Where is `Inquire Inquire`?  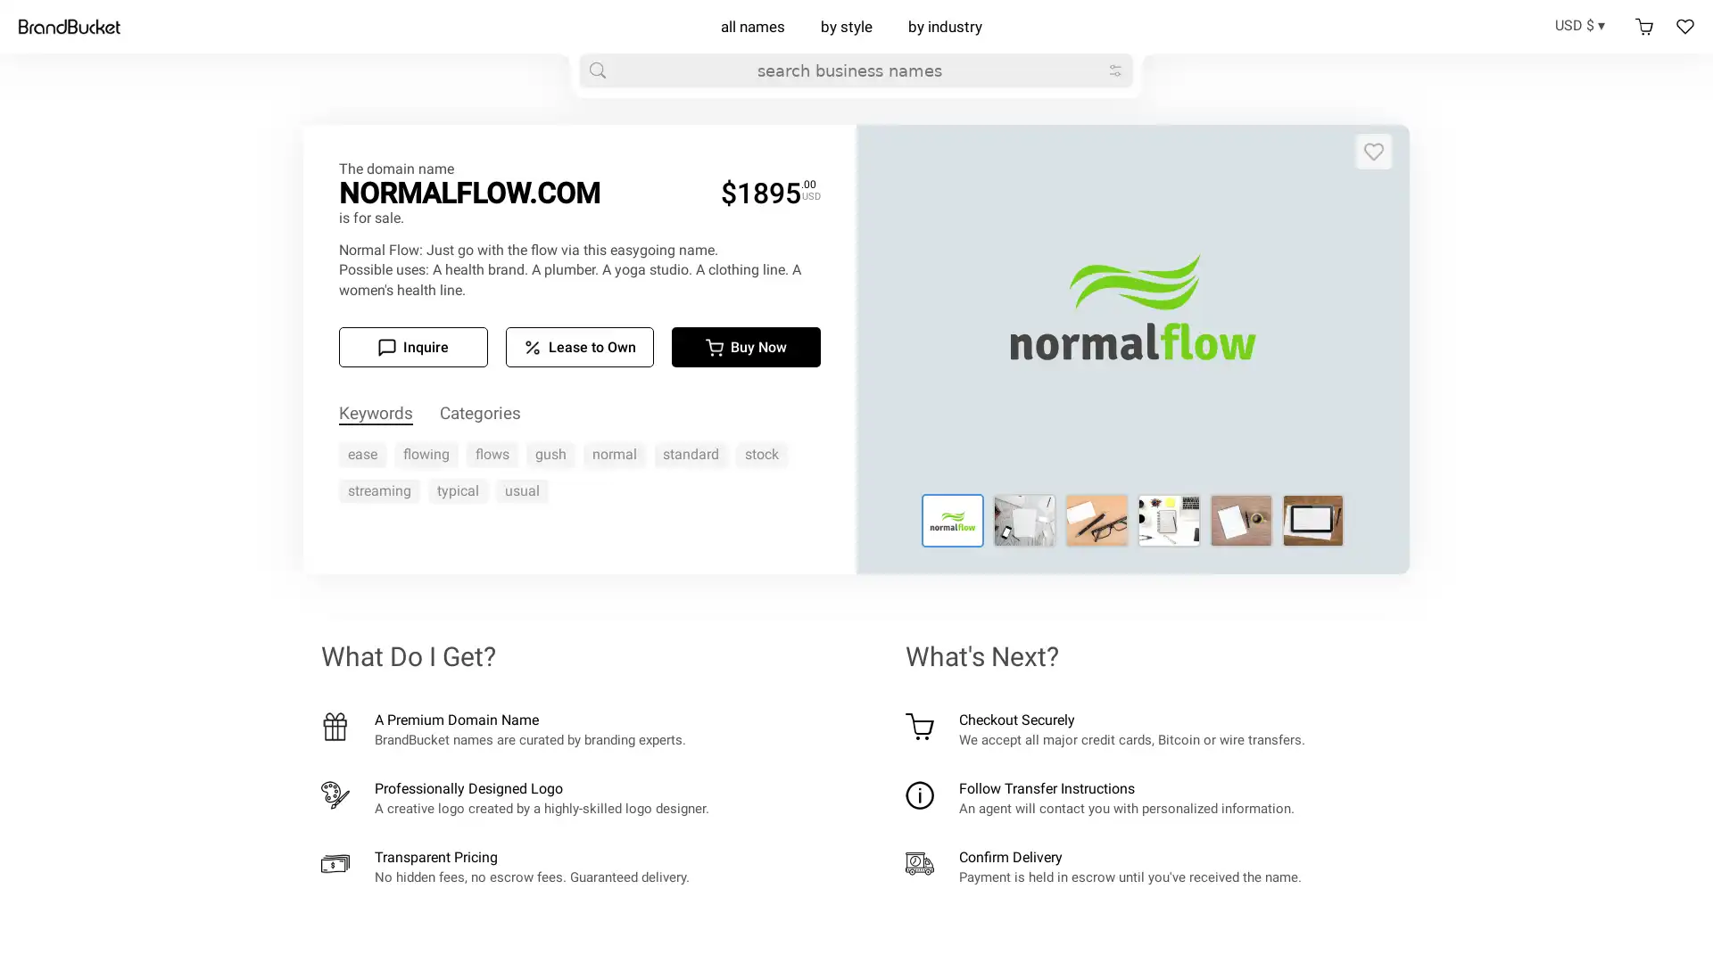 Inquire Inquire is located at coordinates (411, 347).